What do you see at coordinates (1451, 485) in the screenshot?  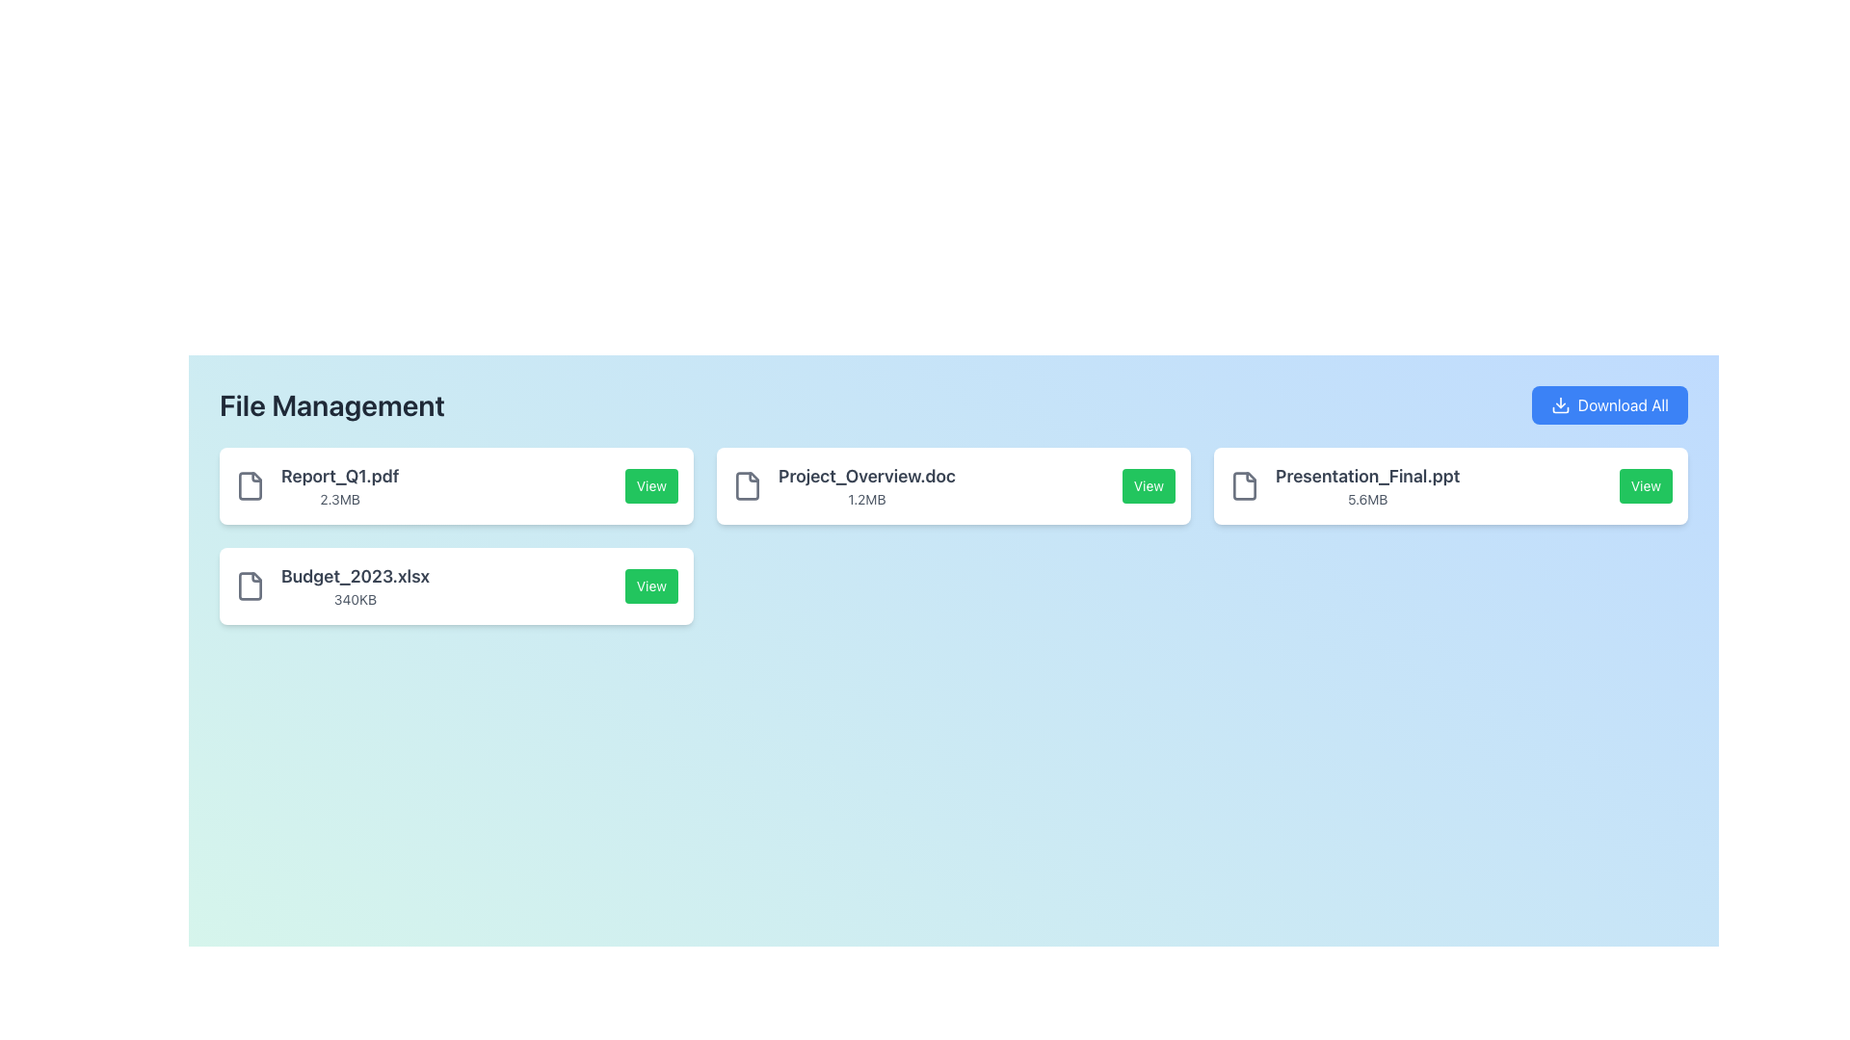 I see `the third file item card in the file management system for potential interactions` at bounding box center [1451, 485].